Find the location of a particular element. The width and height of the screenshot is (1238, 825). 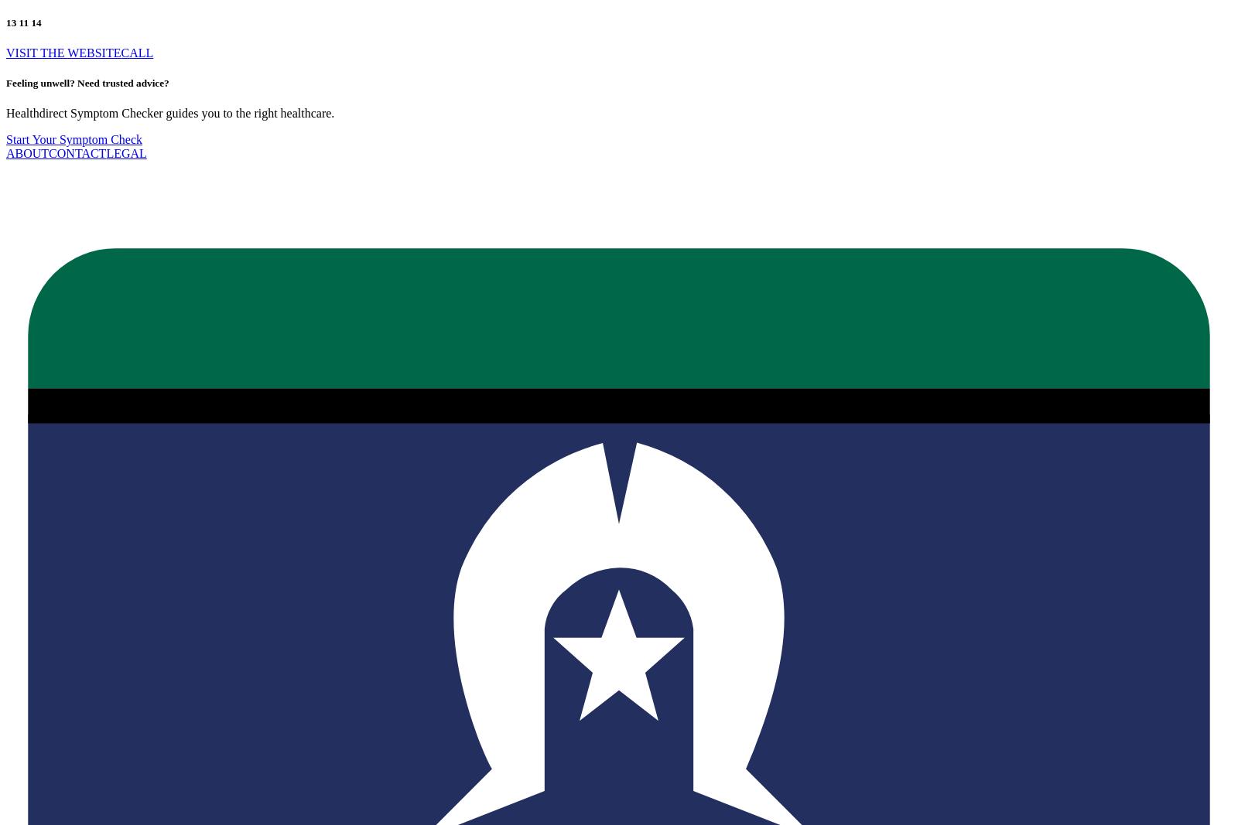

'WEBSITE' is located at coordinates (93, 51).